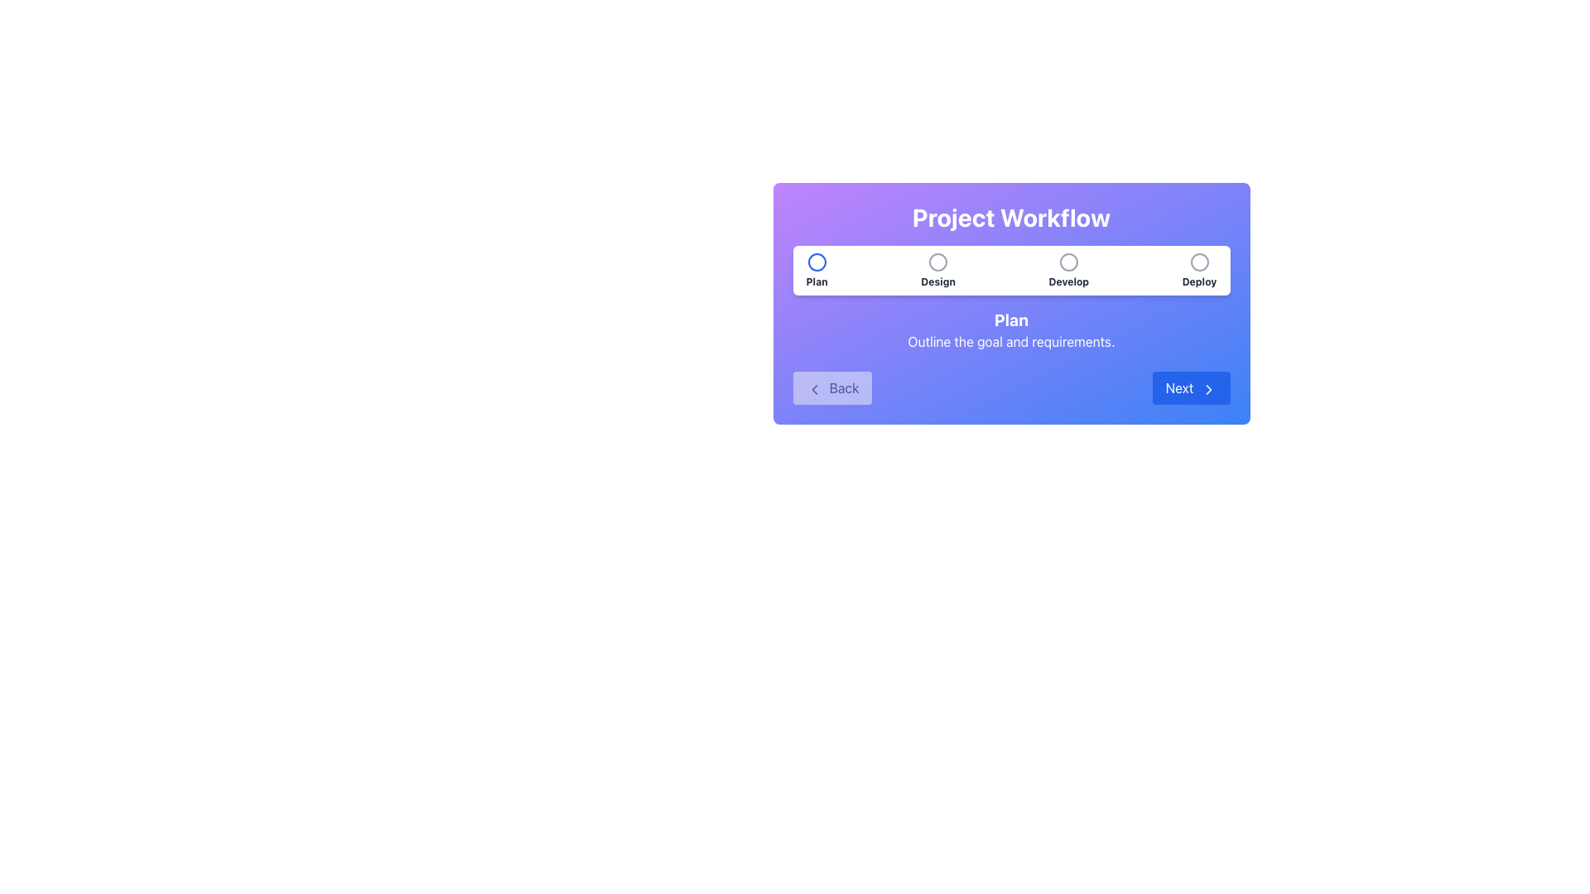  What do you see at coordinates (938, 281) in the screenshot?
I see `the text label displaying 'Design', which is the second step in the horizontal workflow tracker located beneath the circular icon` at bounding box center [938, 281].